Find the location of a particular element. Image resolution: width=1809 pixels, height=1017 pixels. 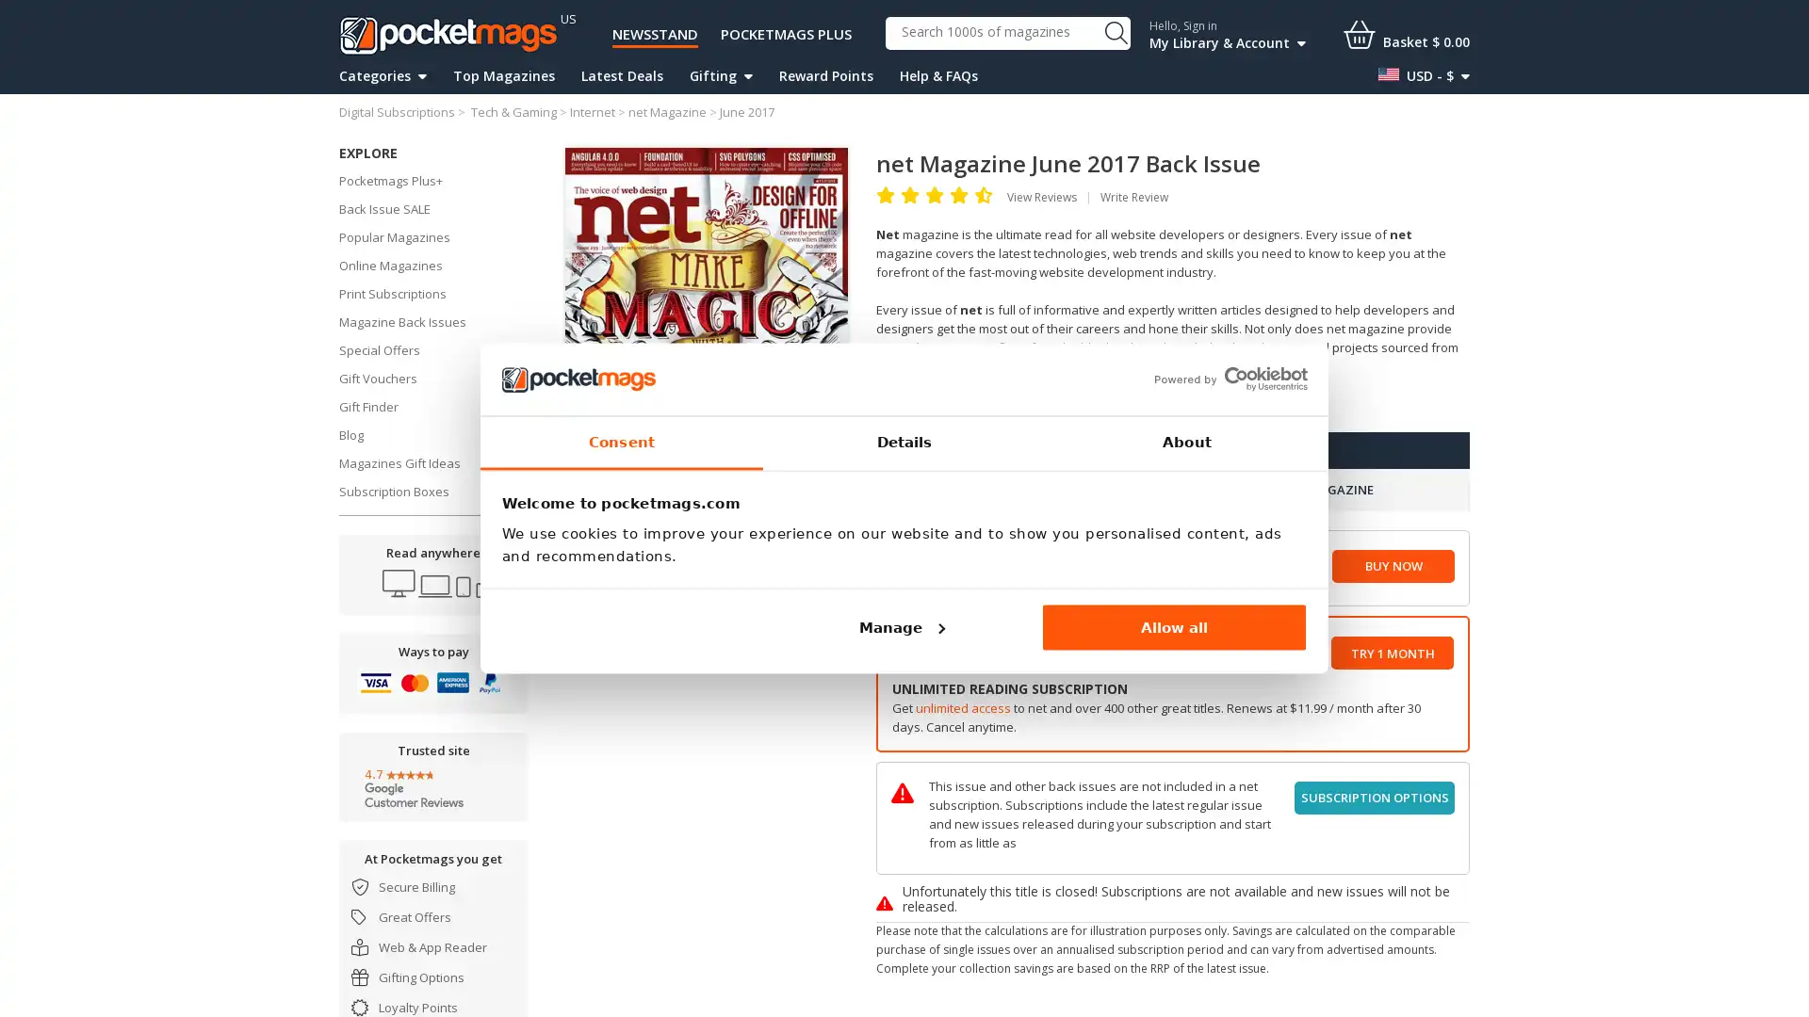

Try 1 month is located at coordinates (1393, 652).